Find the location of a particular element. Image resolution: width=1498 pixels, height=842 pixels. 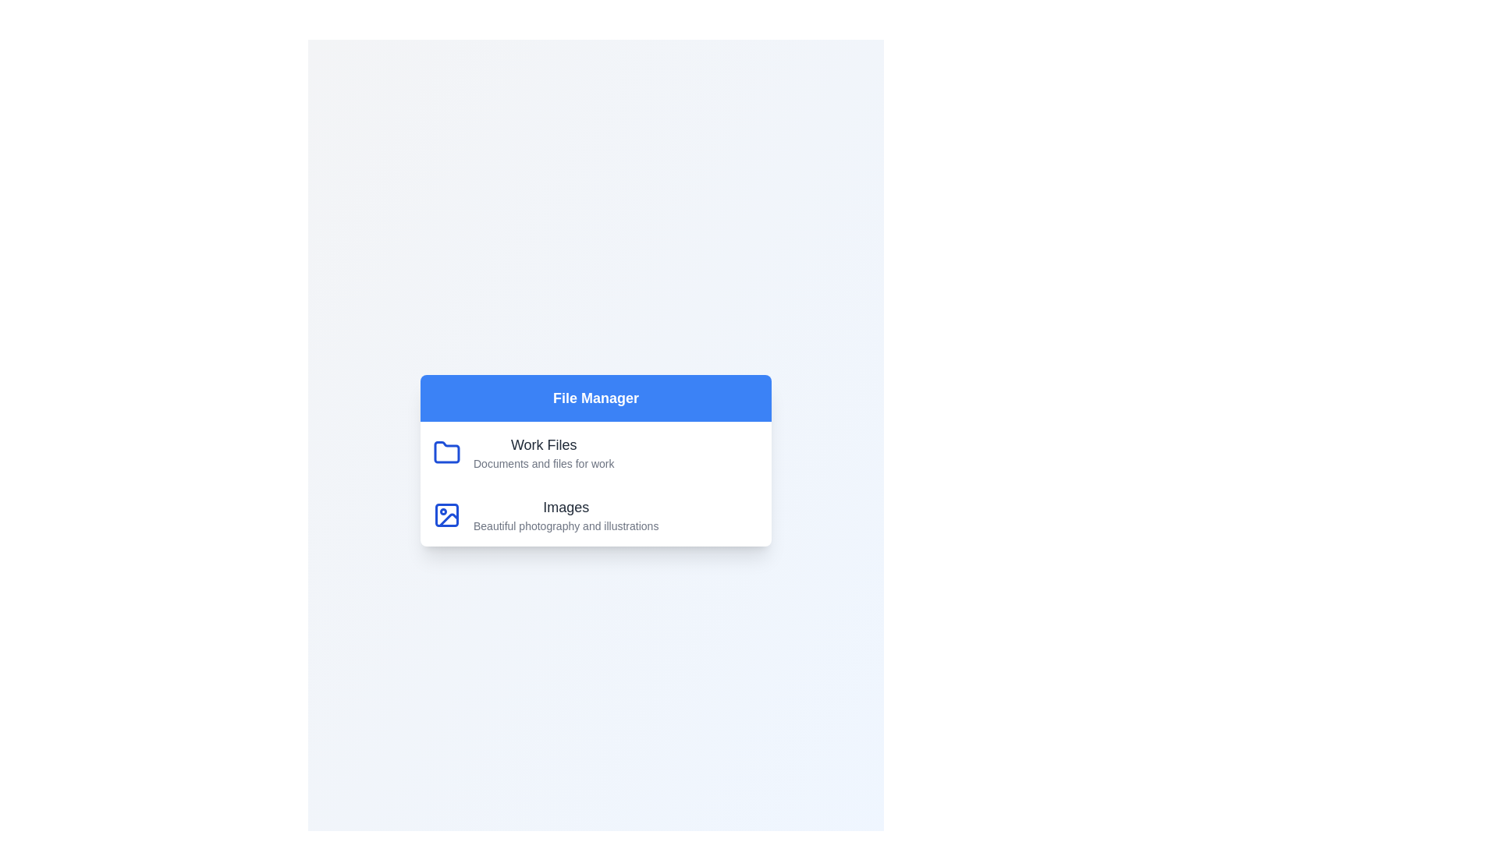

the icon of the category Work Files is located at coordinates (445, 453).